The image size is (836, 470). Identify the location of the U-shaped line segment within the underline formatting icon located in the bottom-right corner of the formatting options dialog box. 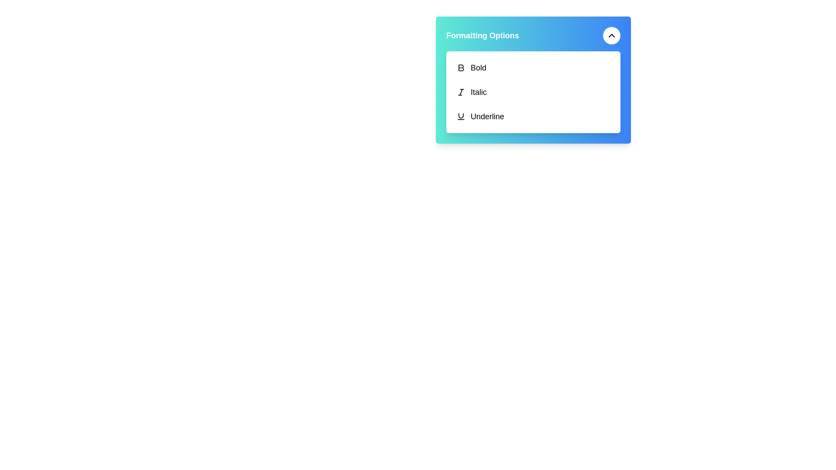
(461, 115).